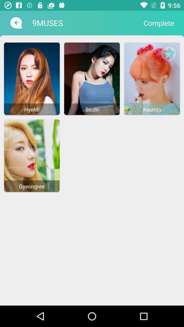 The image size is (184, 327). I want to click on the item next to 9muses icon, so click(15, 23).